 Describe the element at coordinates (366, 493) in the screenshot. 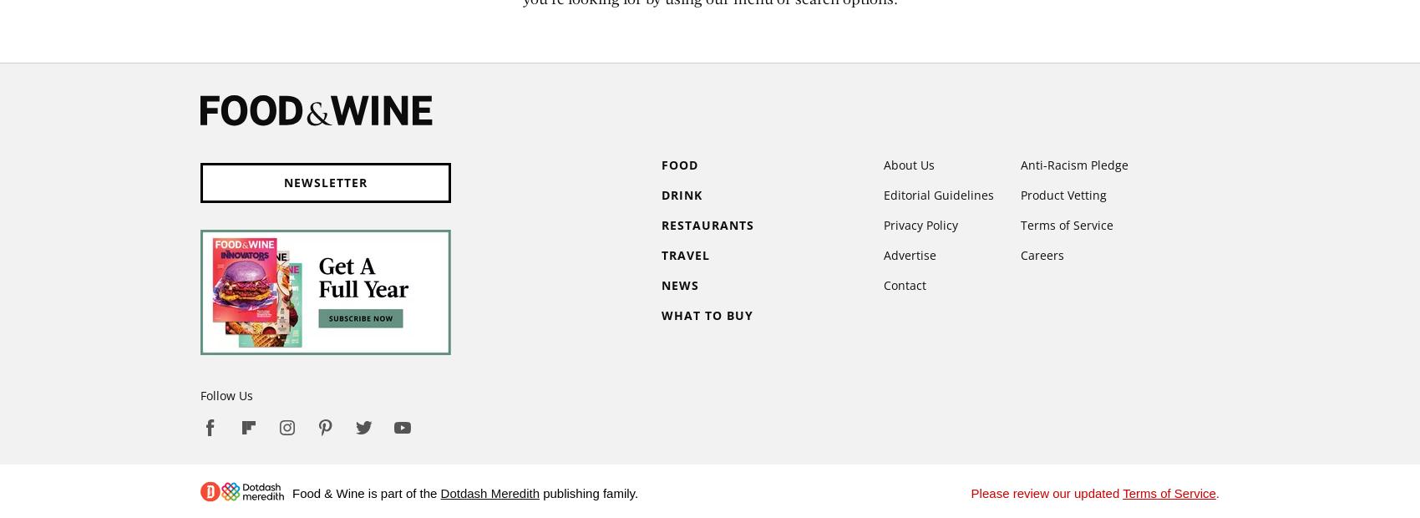

I see `'Food & Wine is part of the'` at that location.